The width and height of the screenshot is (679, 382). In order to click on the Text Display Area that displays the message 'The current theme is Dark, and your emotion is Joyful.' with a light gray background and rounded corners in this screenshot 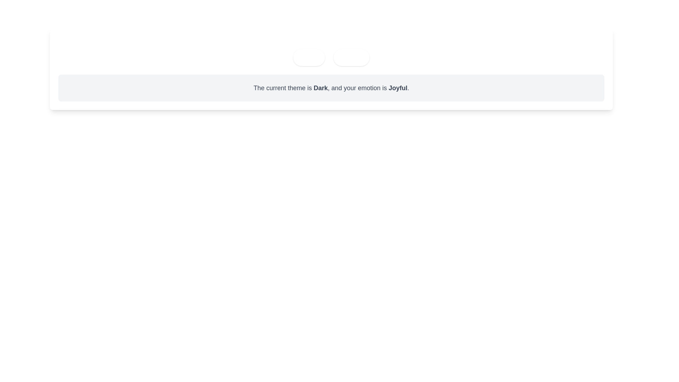, I will do `click(331, 88)`.